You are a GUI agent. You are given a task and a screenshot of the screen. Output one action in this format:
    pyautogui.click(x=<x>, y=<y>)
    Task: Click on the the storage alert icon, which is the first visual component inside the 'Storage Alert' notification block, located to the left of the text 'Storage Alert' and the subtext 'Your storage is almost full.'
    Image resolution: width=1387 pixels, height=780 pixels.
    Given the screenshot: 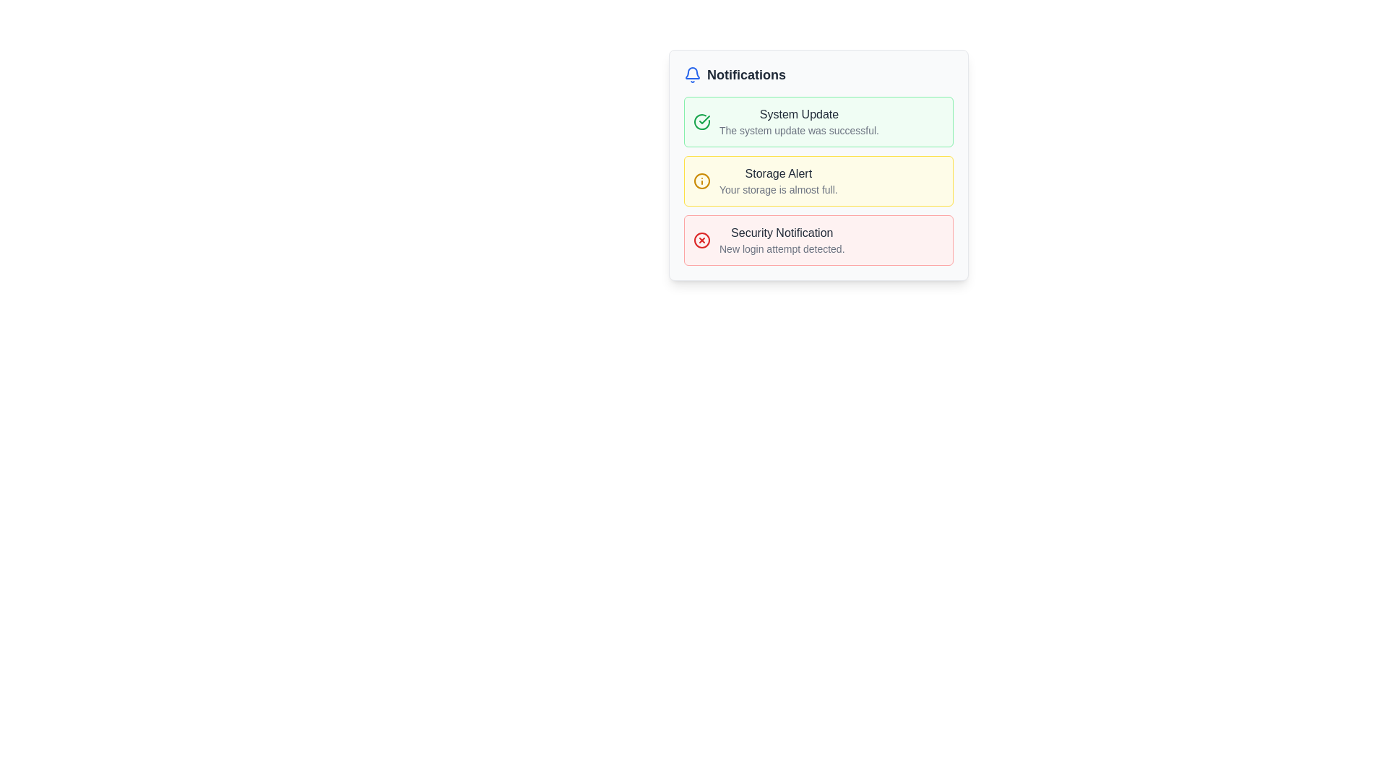 What is the action you would take?
    pyautogui.click(x=701, y=180)
    